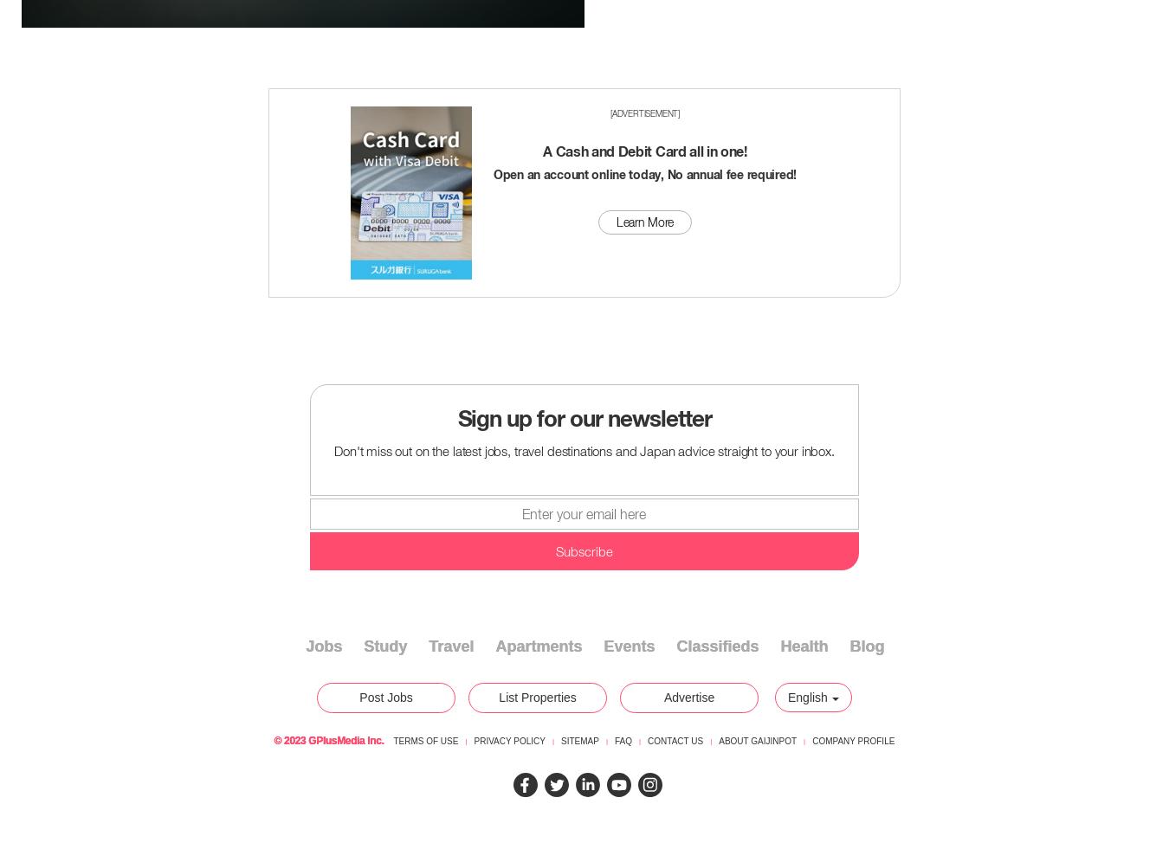 This screenshot has height=849, width=1169. I want to click on 'CONTACT US', so click(675, 741).